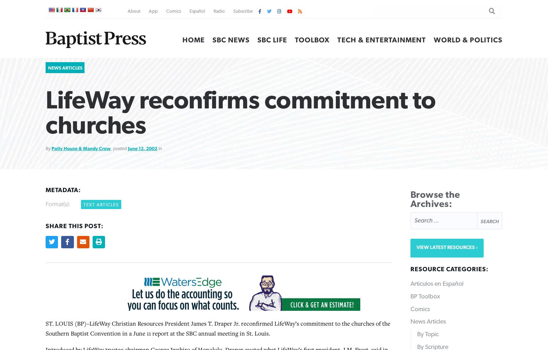  What do you see at coordinates (212, 58) in the screenshot?
I see `'He mentioned Centrifuge, M-Fuge, Centri-Kid and Crosspoint camps for children and youth that blend Bible study, recreation and worship, helping campers integrate Christian values, including an understanding of absolute truth, into their lives.'` at bounding box center [212, 58].